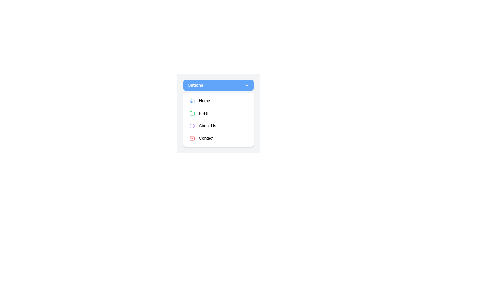 This screenshot has height=281, width=500. Describe the element at coordinates (192, 126) in the screenshot. I see `the leading icon located on the left side of the 'About Us' menu item within the dropdown list under 'Options' for informational context` at that location.